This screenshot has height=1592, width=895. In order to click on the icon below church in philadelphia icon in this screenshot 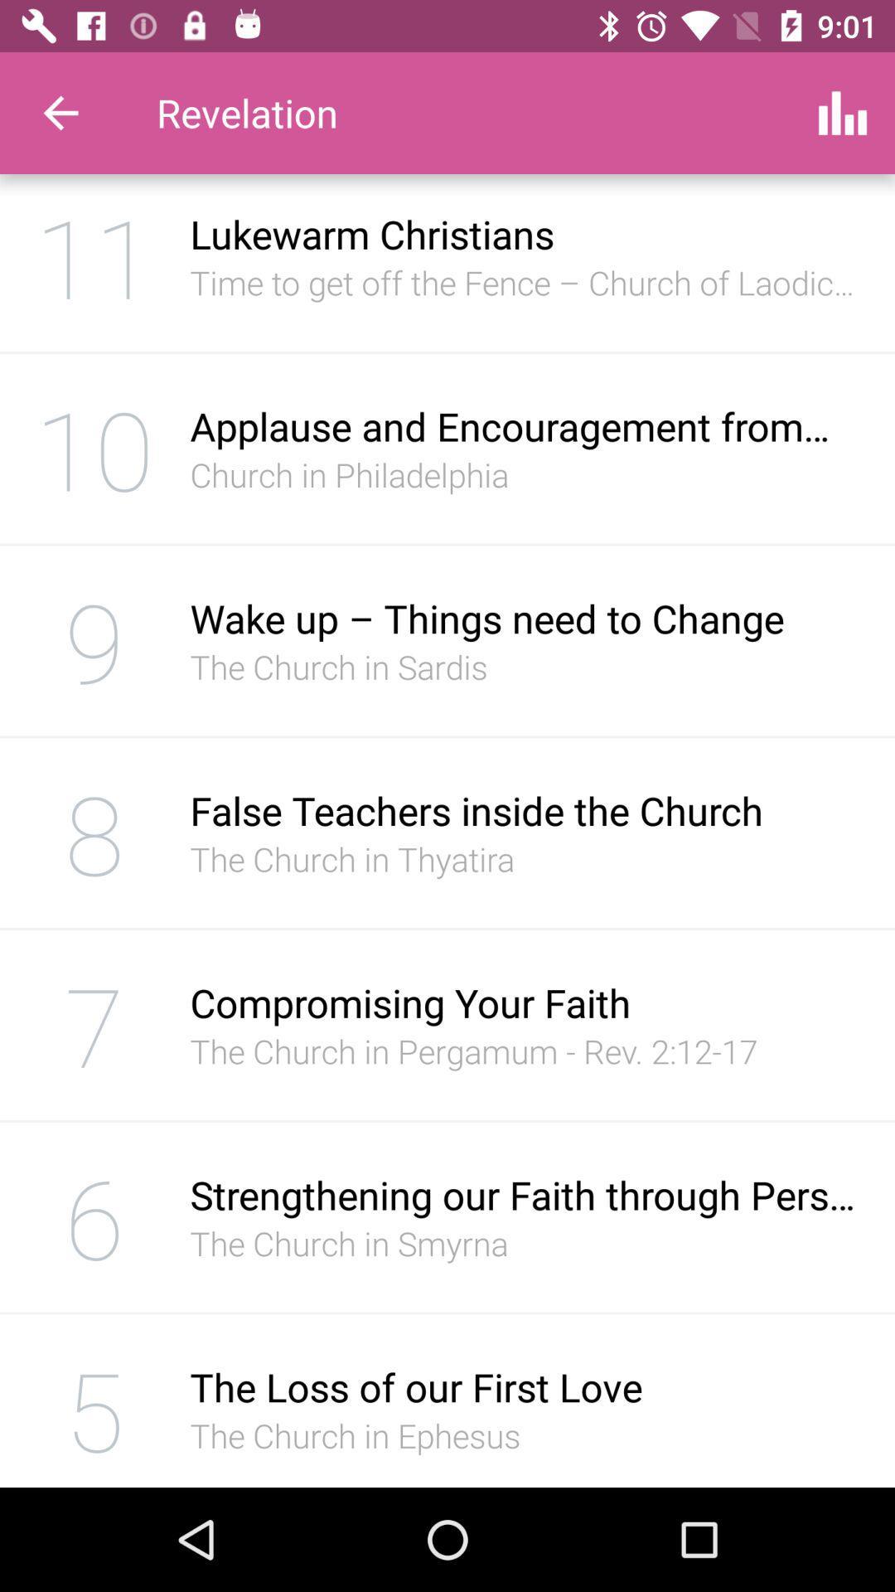, I will do `click(525, 617)`.